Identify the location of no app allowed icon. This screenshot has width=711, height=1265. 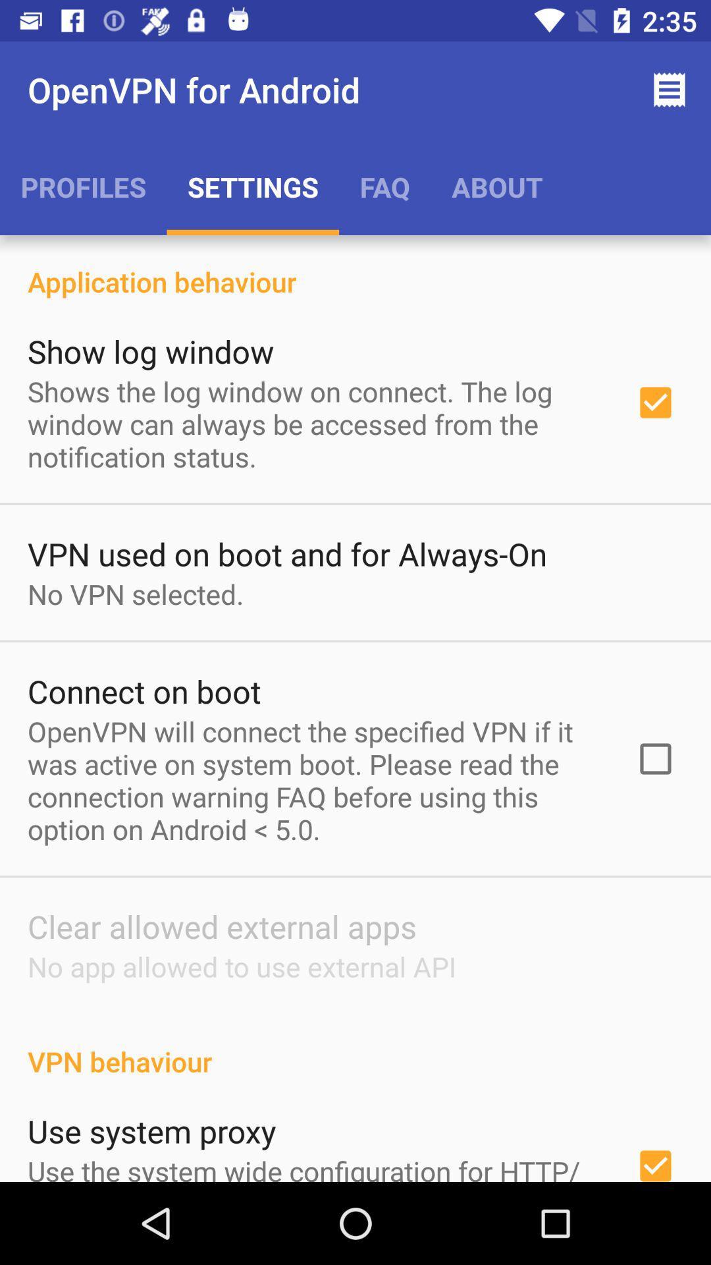
(242, 967).